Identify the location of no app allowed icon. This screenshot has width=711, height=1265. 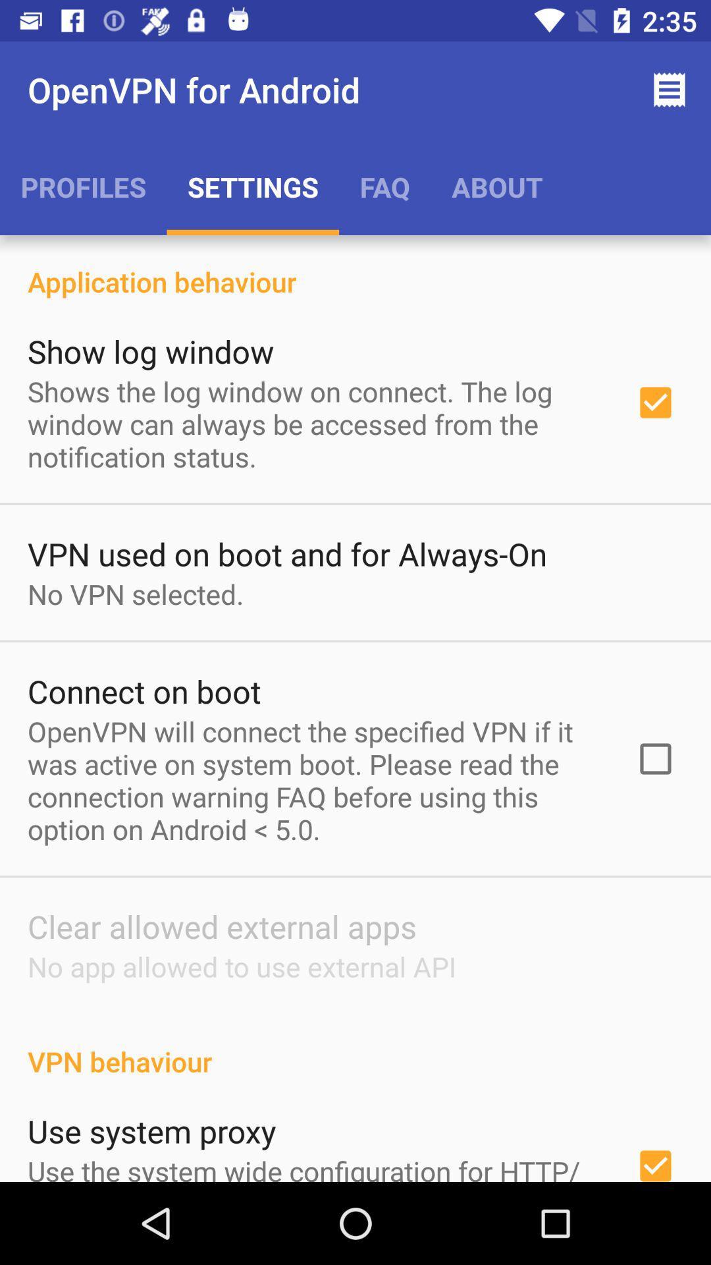
(242, 967).